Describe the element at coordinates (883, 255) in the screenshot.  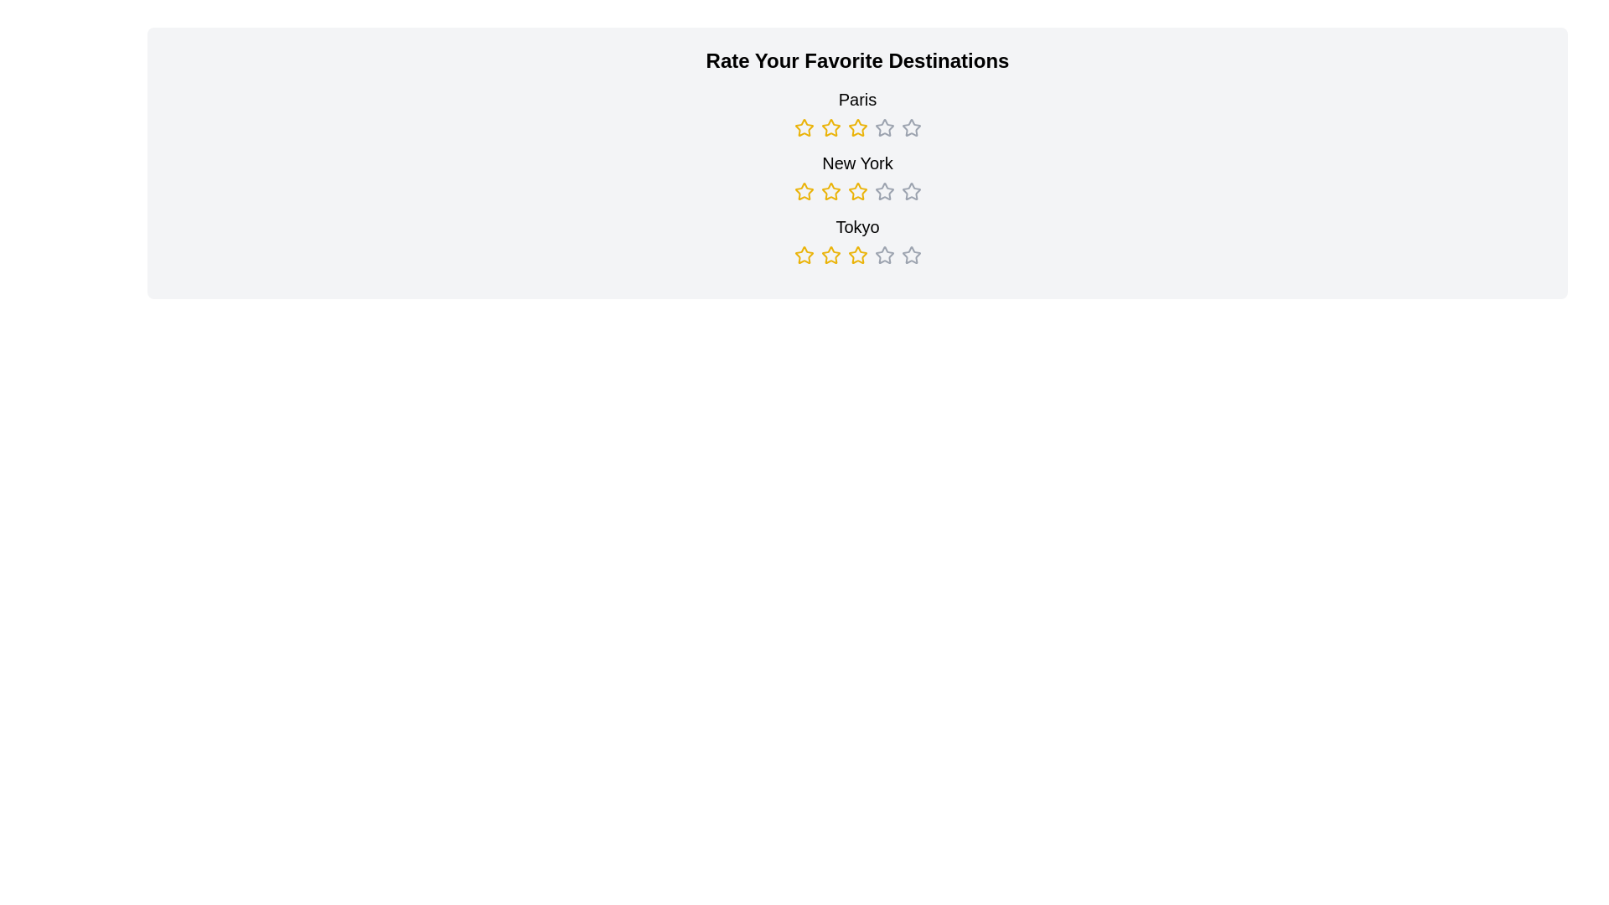
I see `the fourth star icon for rating in the row corresponding` at that location.